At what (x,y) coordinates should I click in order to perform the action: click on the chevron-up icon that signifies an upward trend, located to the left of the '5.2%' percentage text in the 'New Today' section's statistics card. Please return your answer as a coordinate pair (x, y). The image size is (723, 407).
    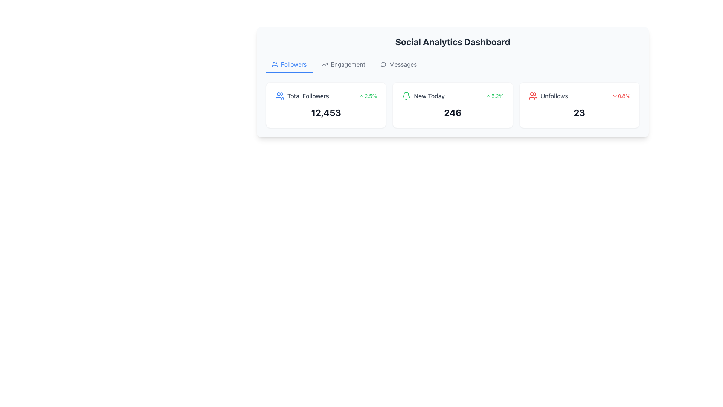
    Looking at the image, I should click on (488, 95).